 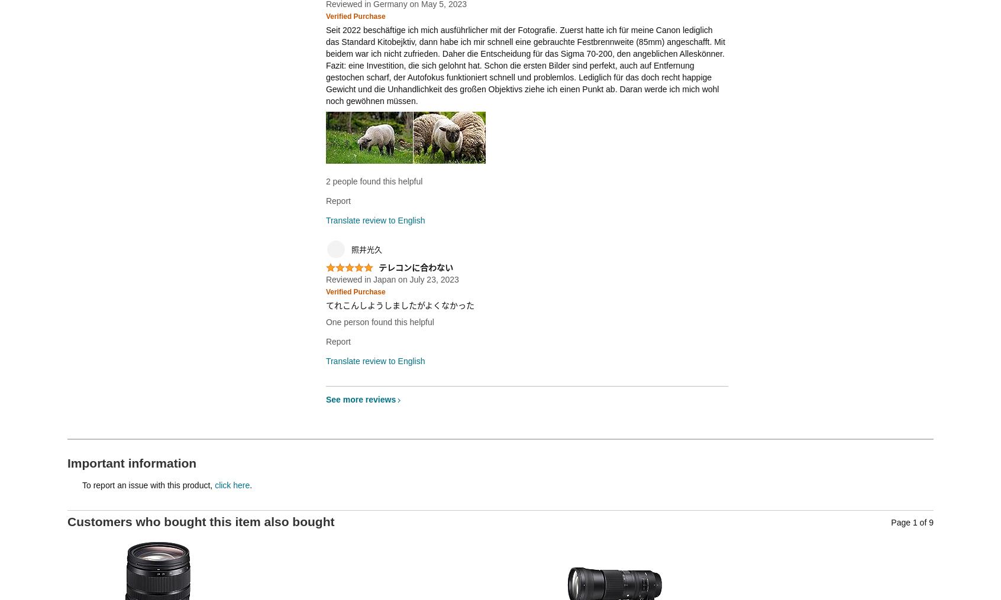 I want to click on '9', so click(x=931, y=521).